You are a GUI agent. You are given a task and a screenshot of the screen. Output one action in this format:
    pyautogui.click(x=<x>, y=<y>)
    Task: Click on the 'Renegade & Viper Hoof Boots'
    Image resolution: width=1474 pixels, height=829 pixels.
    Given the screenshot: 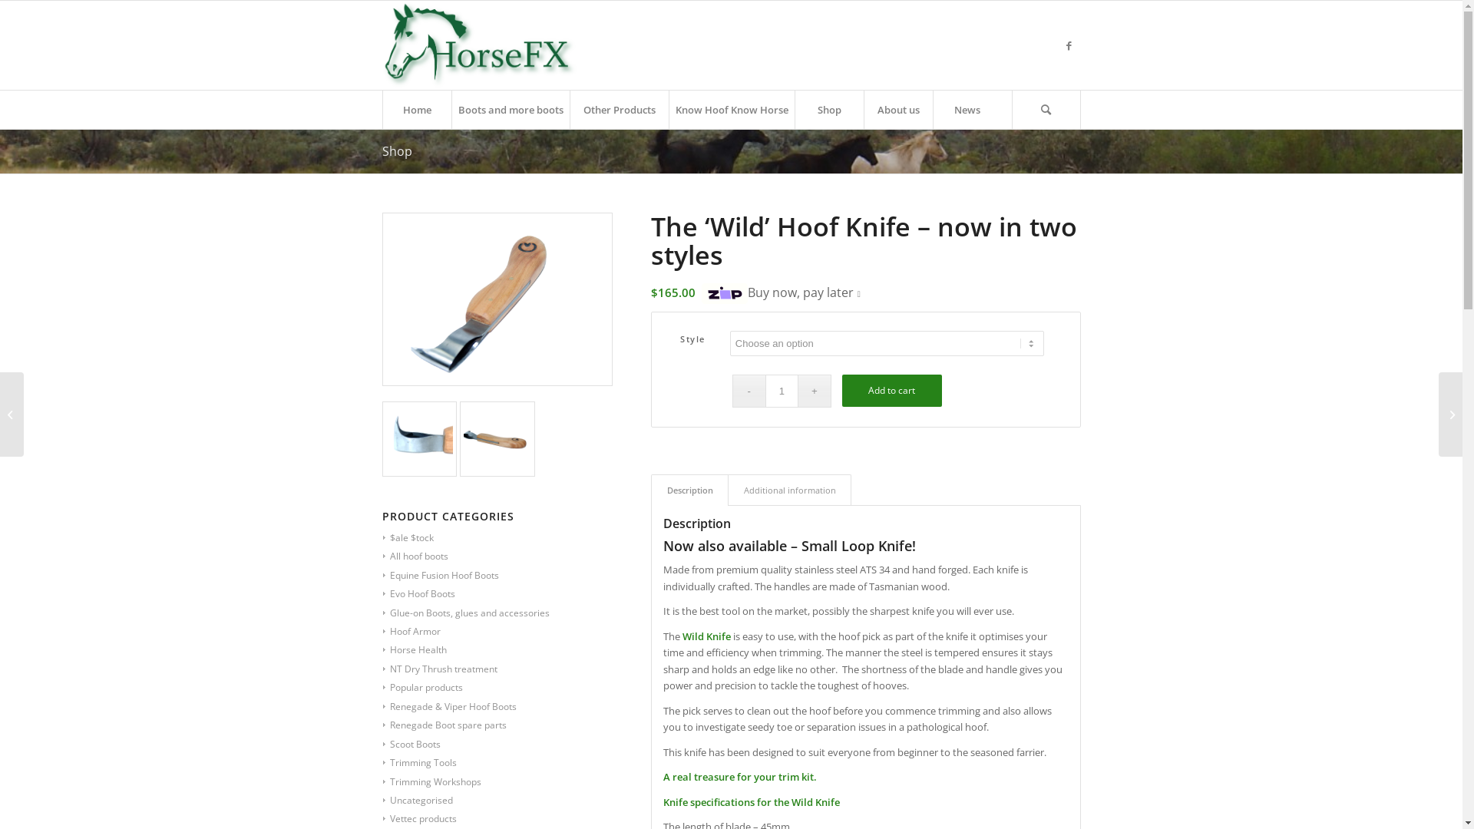 What is the action you would take?
    pyautogui.click(x=382, y=706)
    